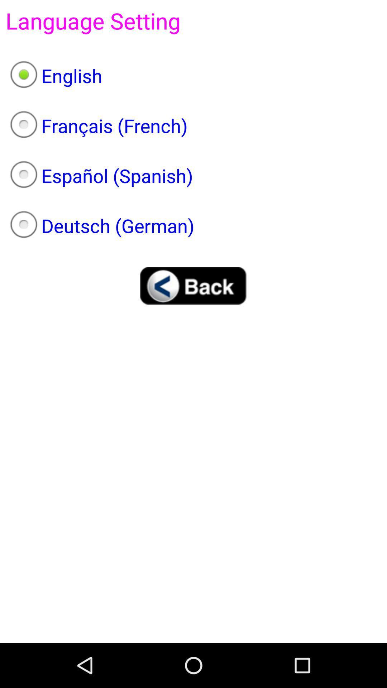 This screenshot has height=688, width=387. I want to click on deutsch (german) icon, so click(193, 225).